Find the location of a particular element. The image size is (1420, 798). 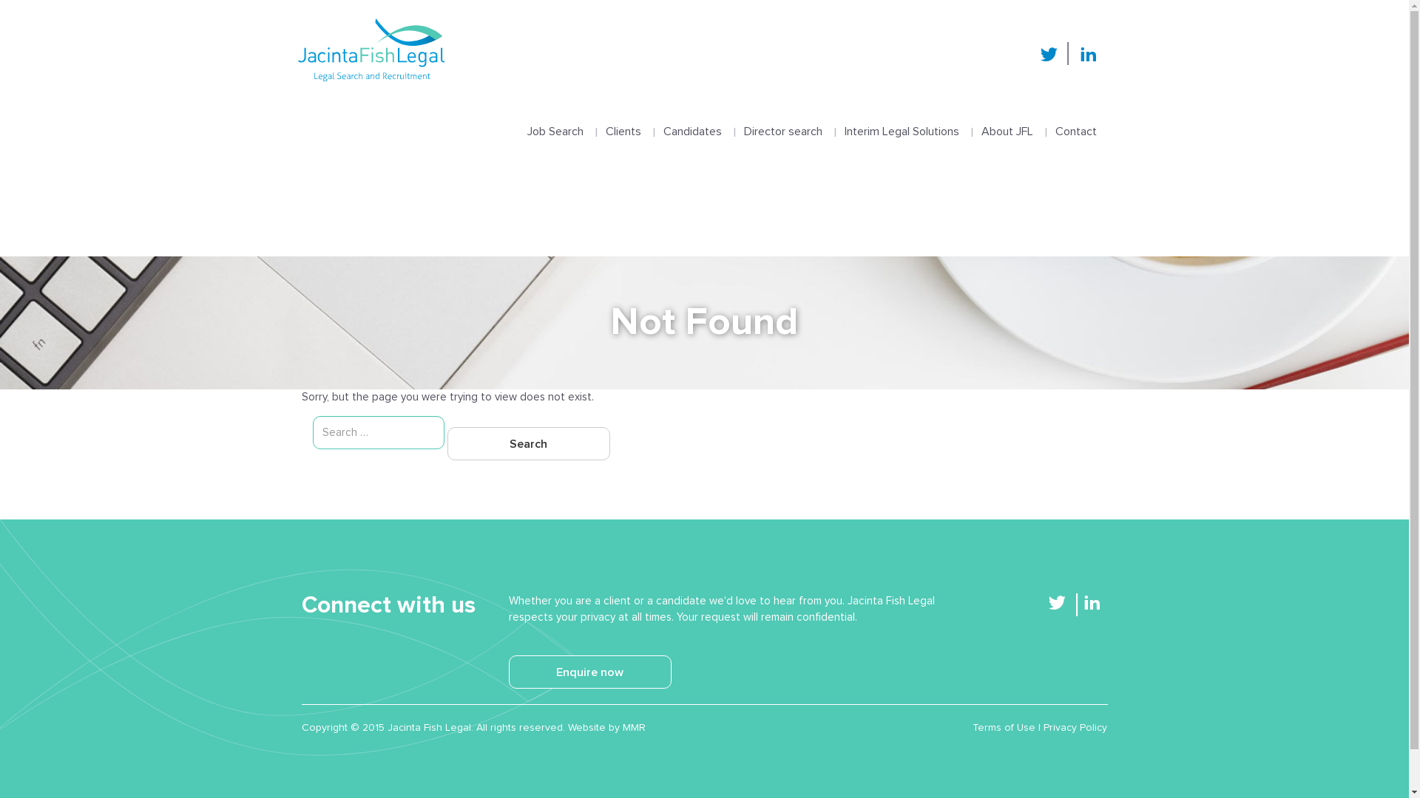

'Search' is located at coordinates (528, 443).